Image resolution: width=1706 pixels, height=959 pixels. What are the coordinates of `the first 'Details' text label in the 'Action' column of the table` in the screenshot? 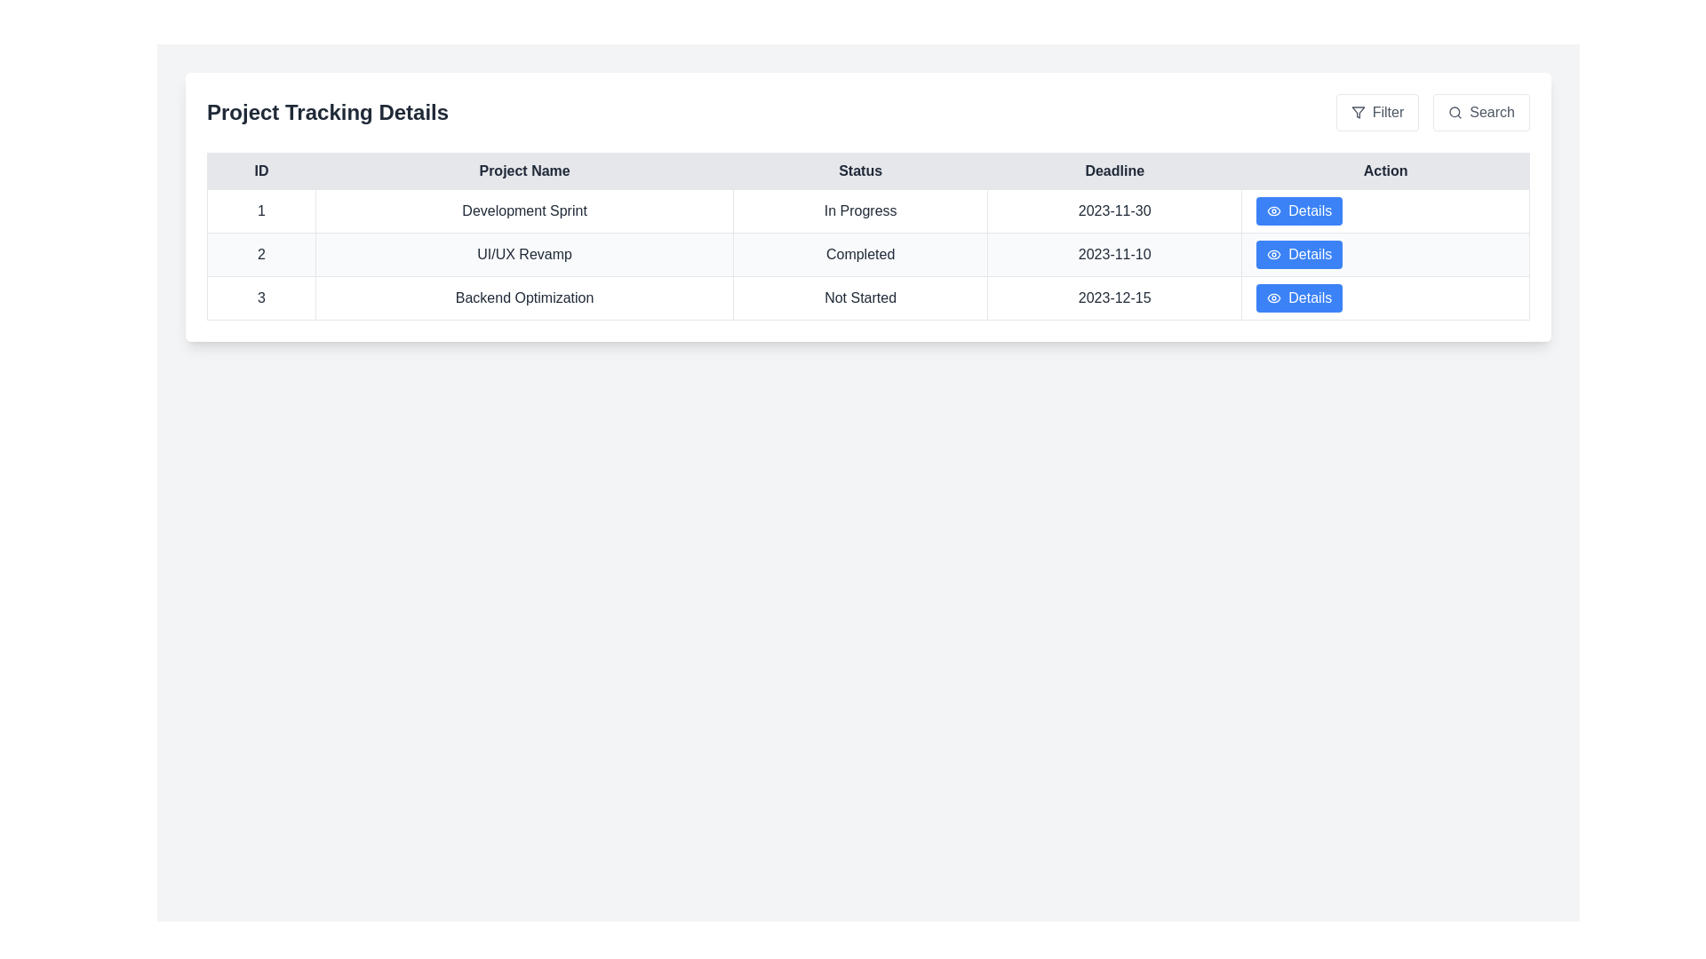 It's located at (1310, 210).